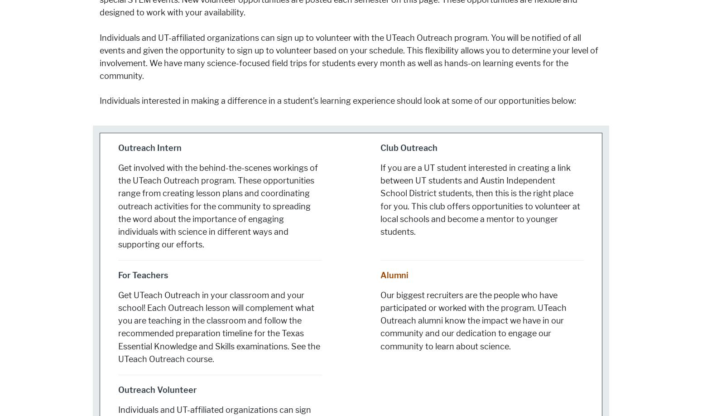 Image resolution: width=702 pixels, height=416 pixels. Describe the element at coordinates (409, 148) in the screenshot. I see `'Club Outreach'` at that location.